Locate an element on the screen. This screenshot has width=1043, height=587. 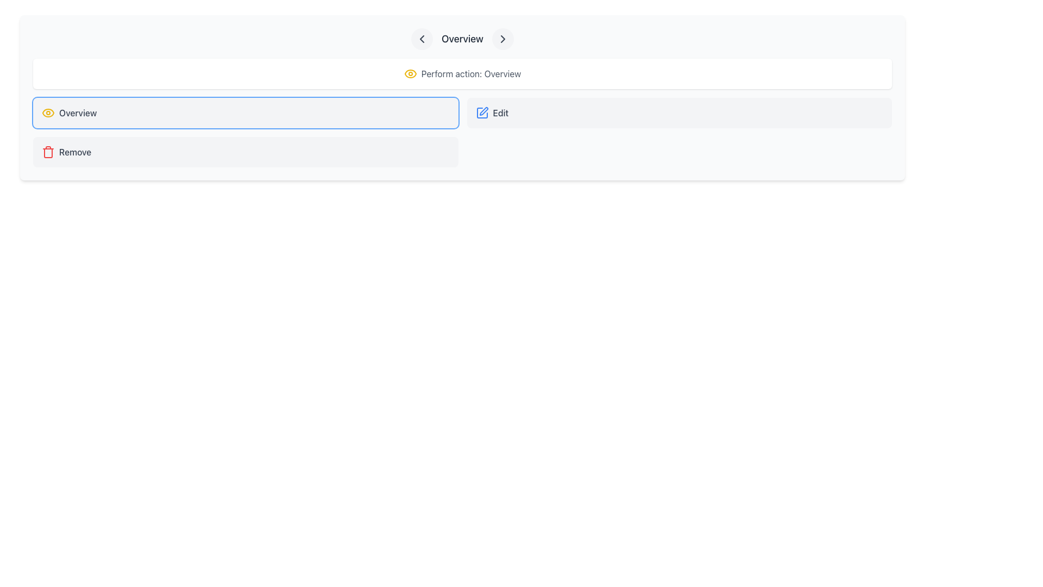
the static text label reading 'Remove', which is positioned immediately to the right of the trash icon in the lower section of the interface is located at coordinates (74, 152).